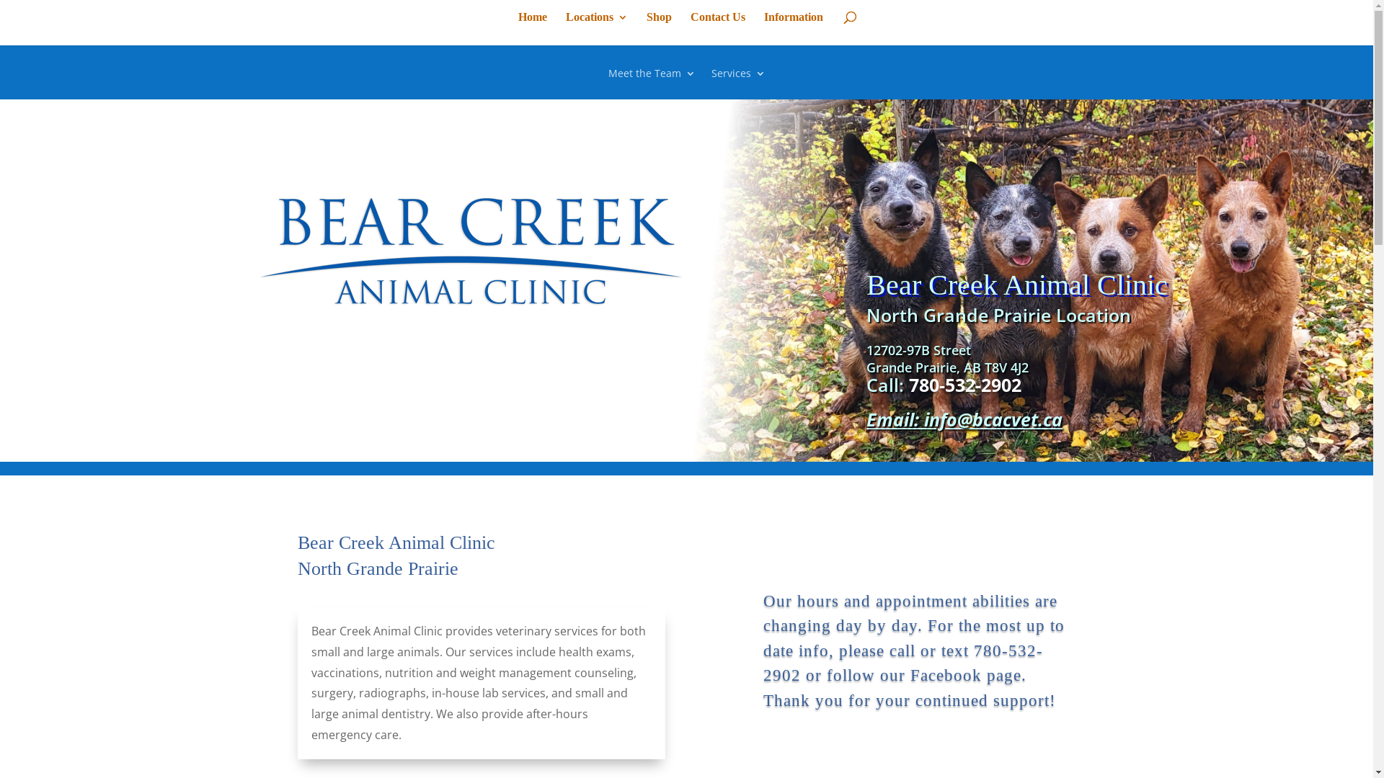 This screenshot has width=1384, height=778. Describe the element at coordinates (965, 383) in the screenshot. I see `'780-532-2902'` at that location.